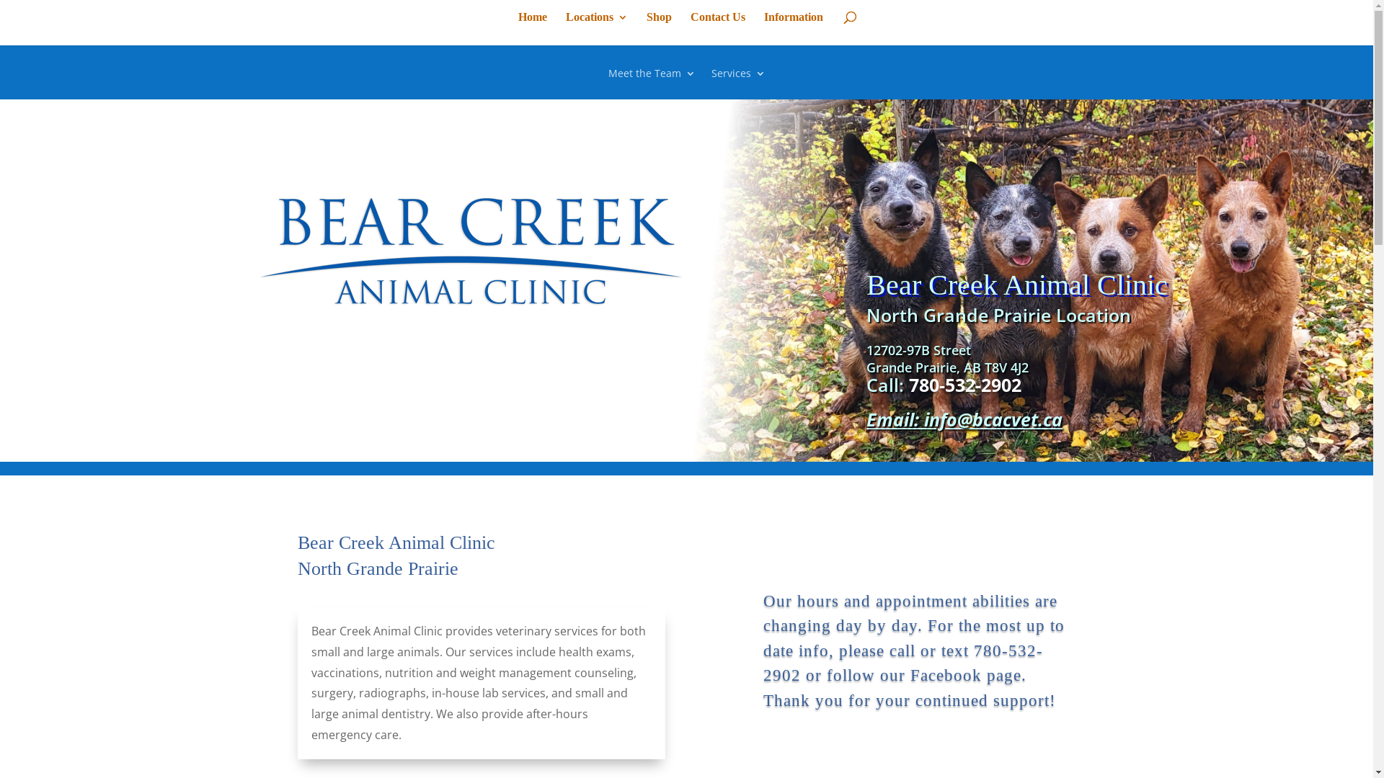 This screenshot has width=1384, height=778. Describe the element at coordinates (965, 383) in the screenshot. I see `'780-532-2902'` at that location.